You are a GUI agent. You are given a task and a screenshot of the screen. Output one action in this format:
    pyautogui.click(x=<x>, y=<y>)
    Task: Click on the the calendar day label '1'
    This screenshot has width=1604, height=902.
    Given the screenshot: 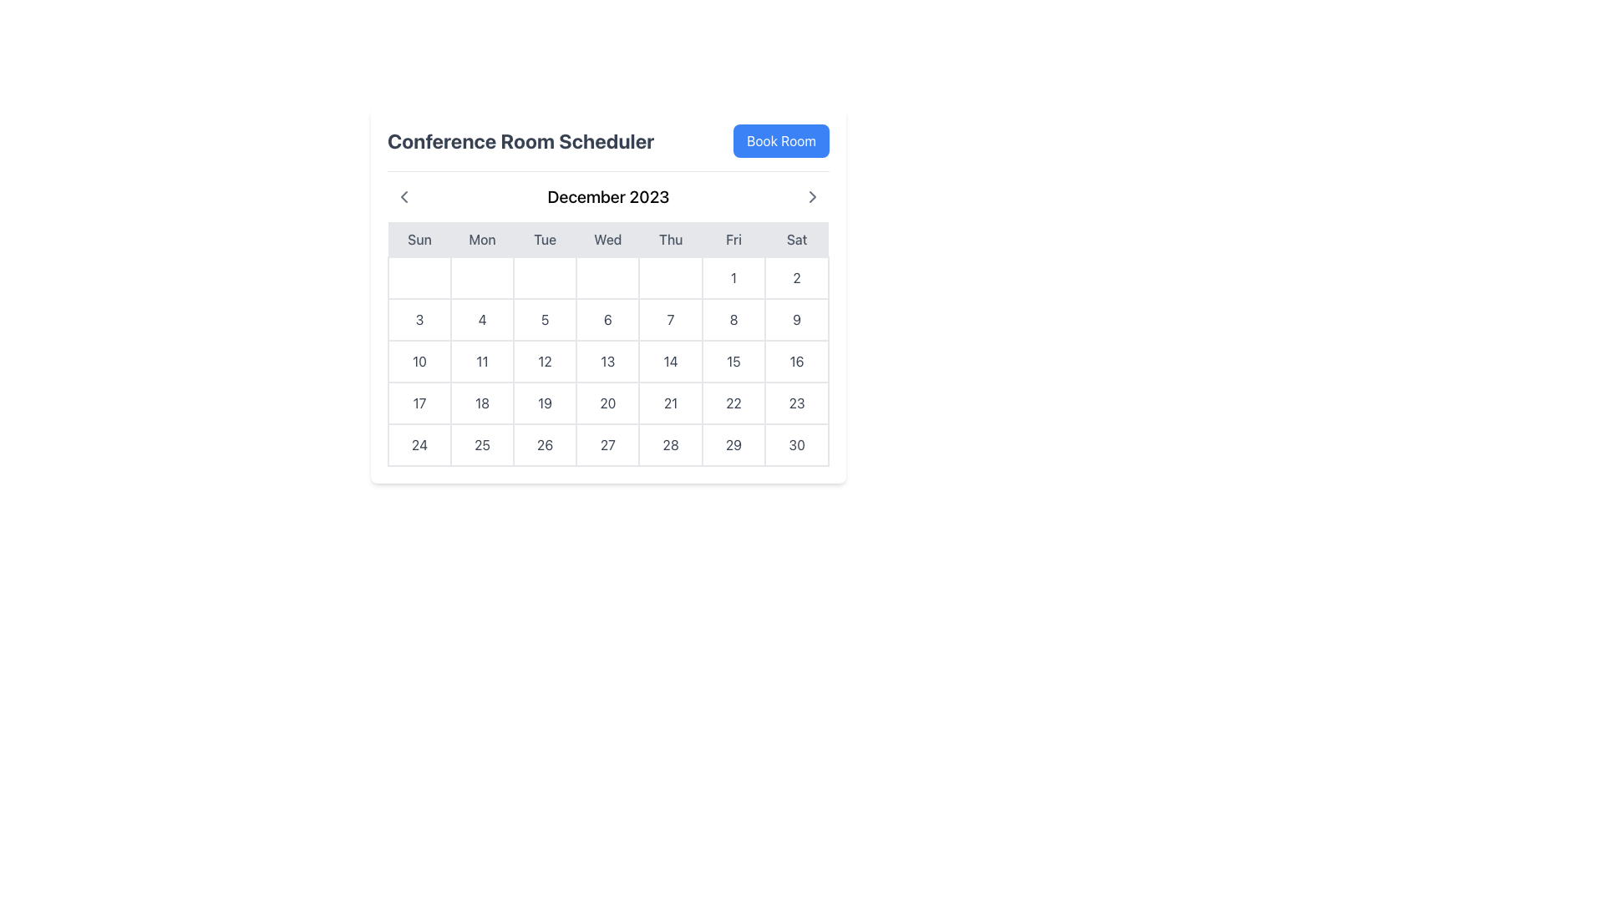 What is the action you would take?
    pyautogui.click(x=733, y=276)
    